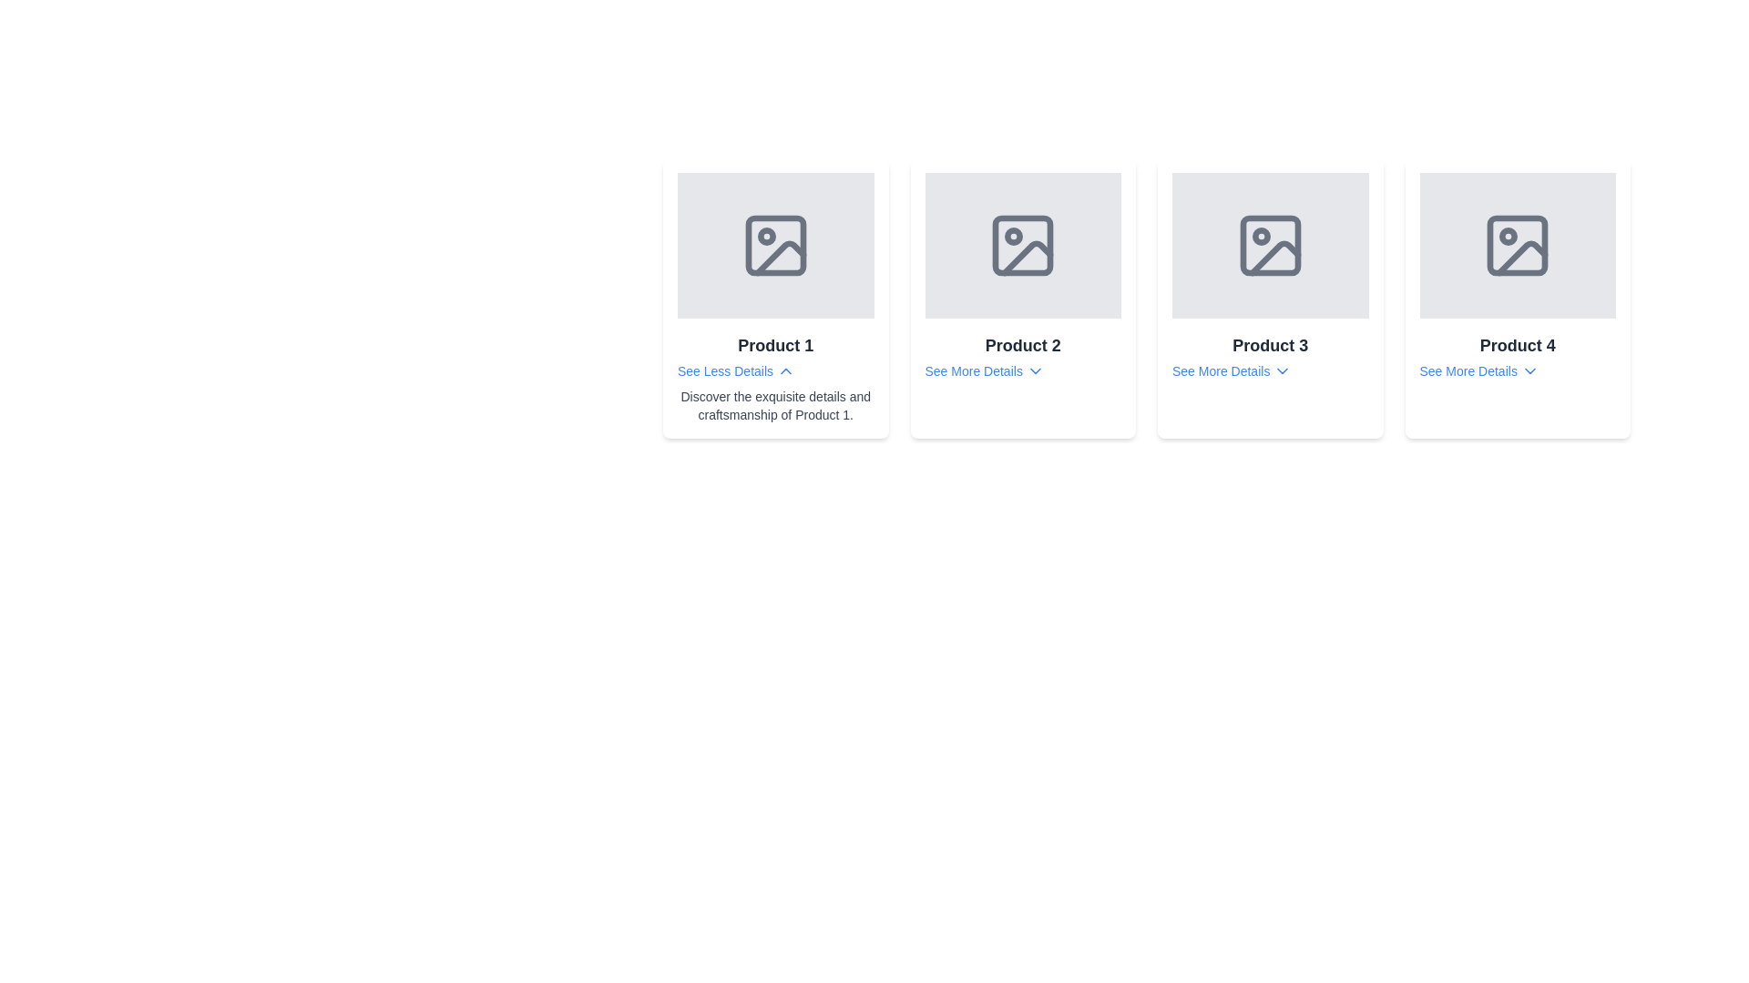 The height and width of the screenshot is (983, 1749). I want to click on the text label that reads 'Discover the exquisite details and craftsmanship of Product 1.' located below the 'See Less Details' link within the 'Product 1' card, so click(775, 405).